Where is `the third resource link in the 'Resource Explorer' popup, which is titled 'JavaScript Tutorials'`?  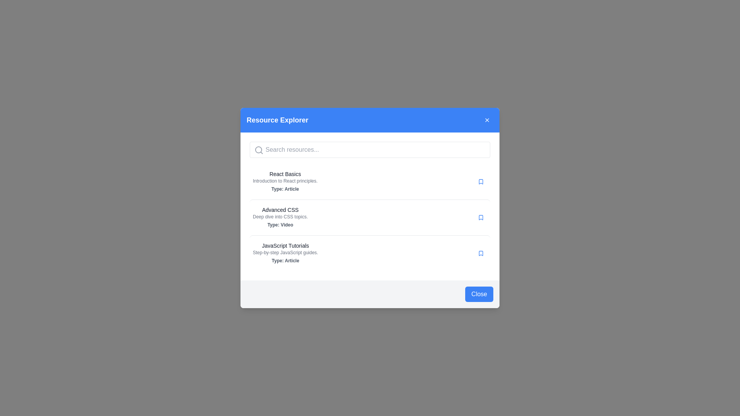 the third resource link in the 'Resource Explorer' popup, which is titled 'JavaScript Tutorials' is located at coordinates (285, 253).